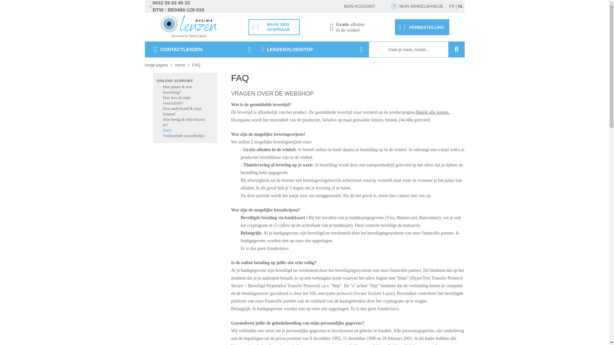  Describe the element at coordinates (177, 100) in the screenshot. I see `'Hoe lees ik mijn voorschrift?'` at that location.